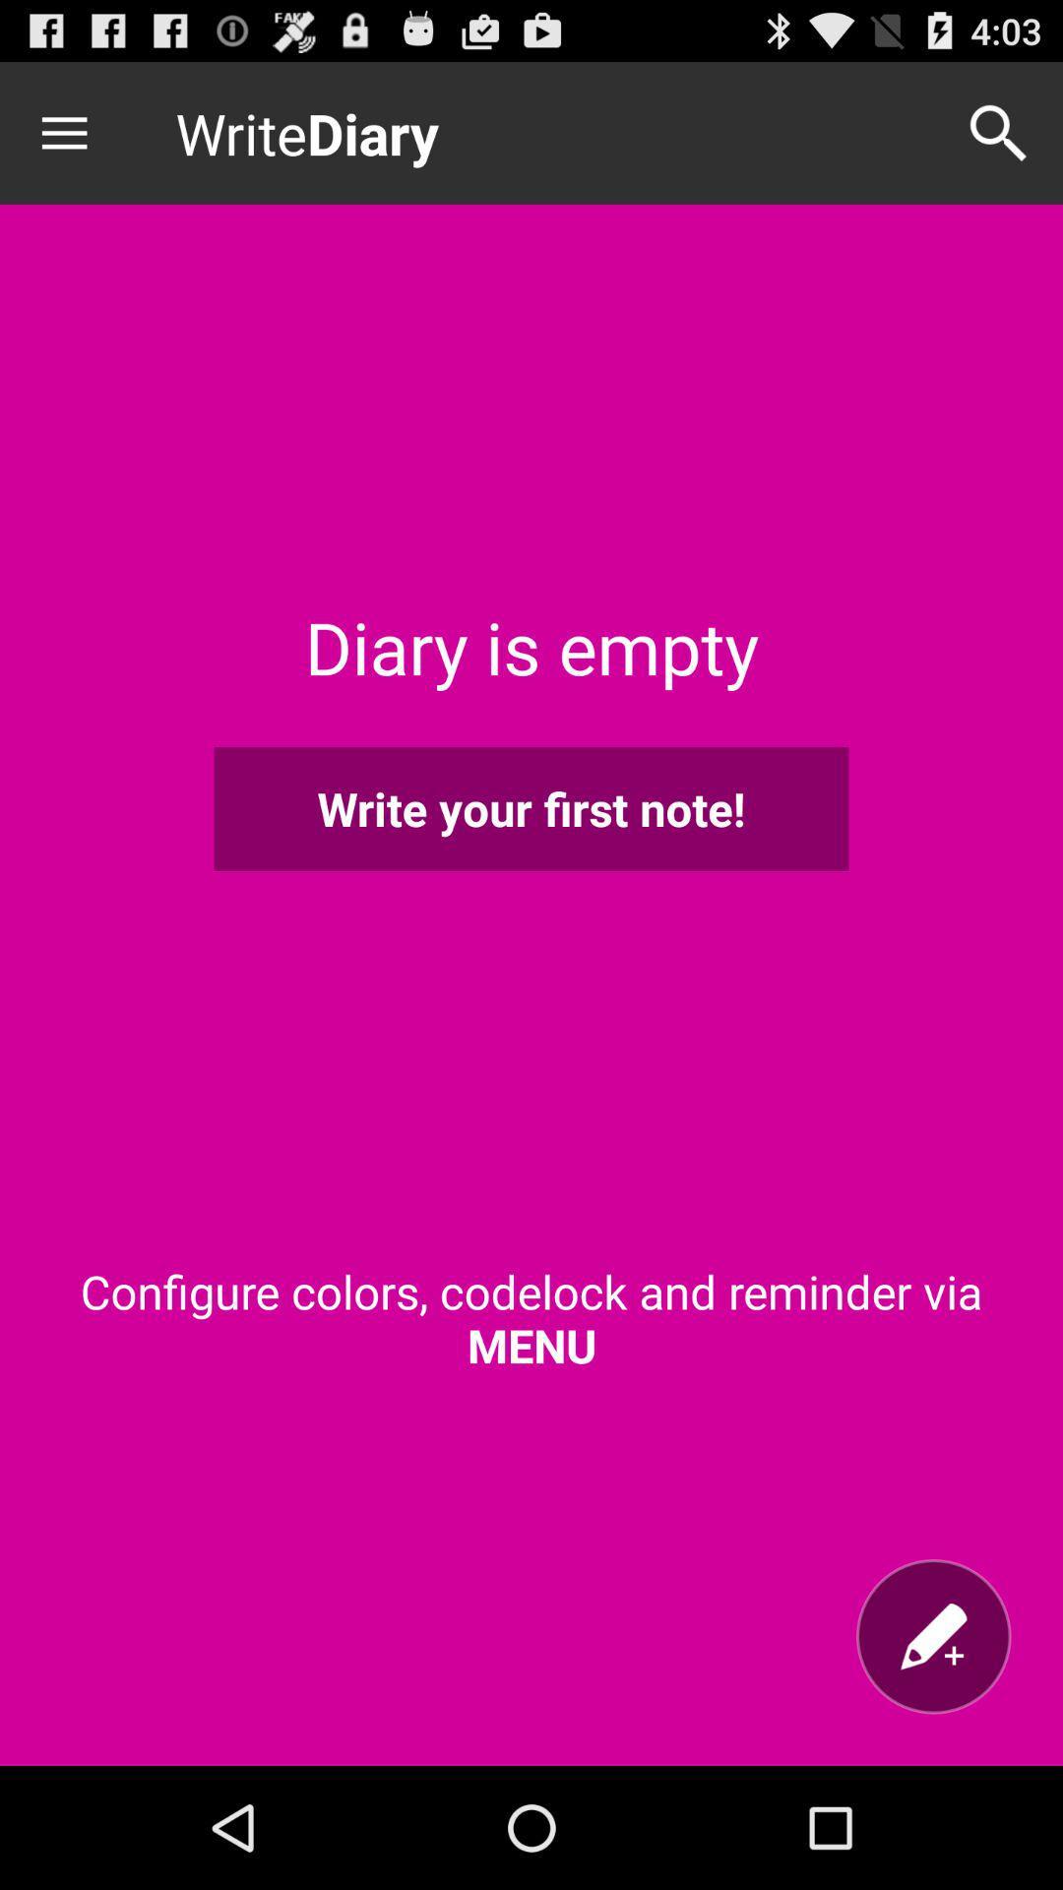 Image resolution: width=1063 pixels, height=1890 pixels. What do you see at coordinates (932, 1636) in the screenshot?
I see `icon below the configure colors codelock` at bounding box center [932, 1636].